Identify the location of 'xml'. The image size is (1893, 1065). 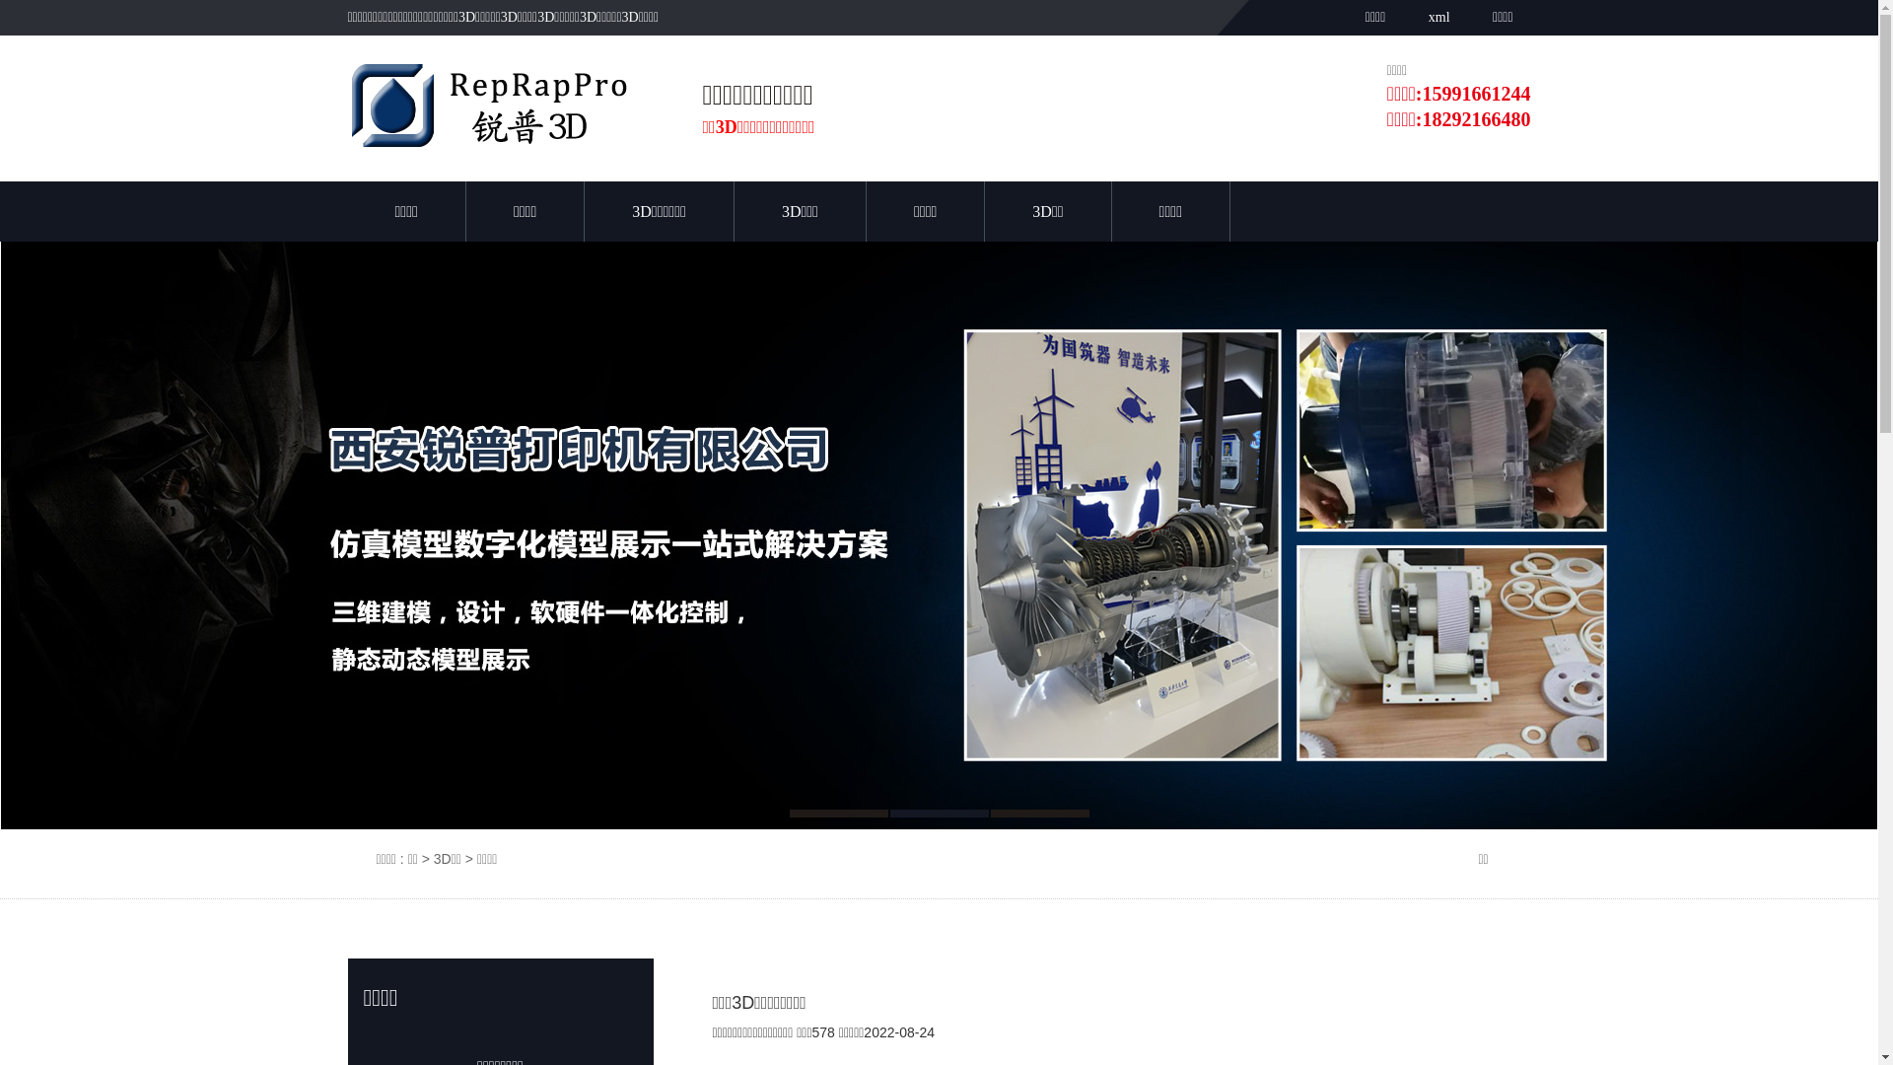
(1437, 18).